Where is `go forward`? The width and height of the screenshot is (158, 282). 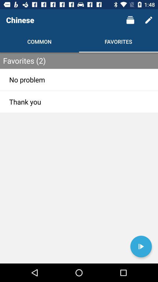
go forward is located at coordinates (141, 246).